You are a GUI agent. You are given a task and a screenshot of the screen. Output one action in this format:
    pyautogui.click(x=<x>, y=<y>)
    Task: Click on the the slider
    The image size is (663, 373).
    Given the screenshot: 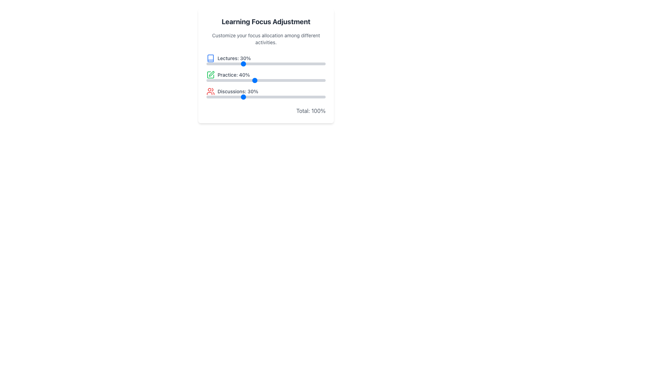 What is the action you would take?
    pyautogui.click(x=269, y=97)
    